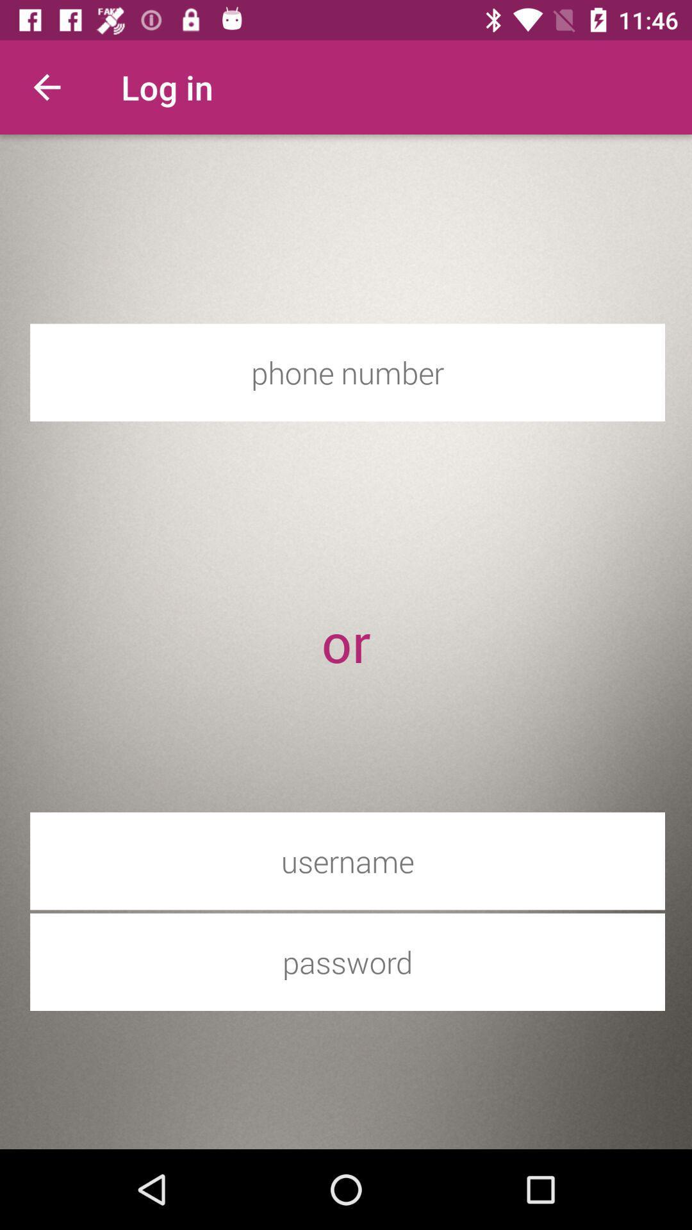 The image size is (692, 1230). Describe the element at coordinates (46, 86) in the screenshot. I see `the icon next to the log in icon` at that location.